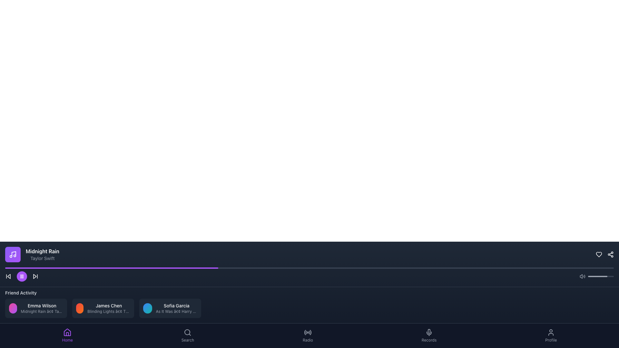  I want to click on the 'Search' button located in the bottom navigation bar, which features a magnifying glass icon and the text label 'Search', so click(187, 335).